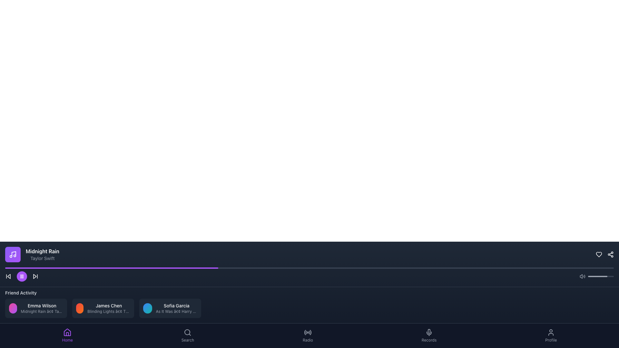  I want to click on the 'Search' button located in the bottom navigation bar, which features a magnifying glass icon and the text label 'Search', so click(187, 335).